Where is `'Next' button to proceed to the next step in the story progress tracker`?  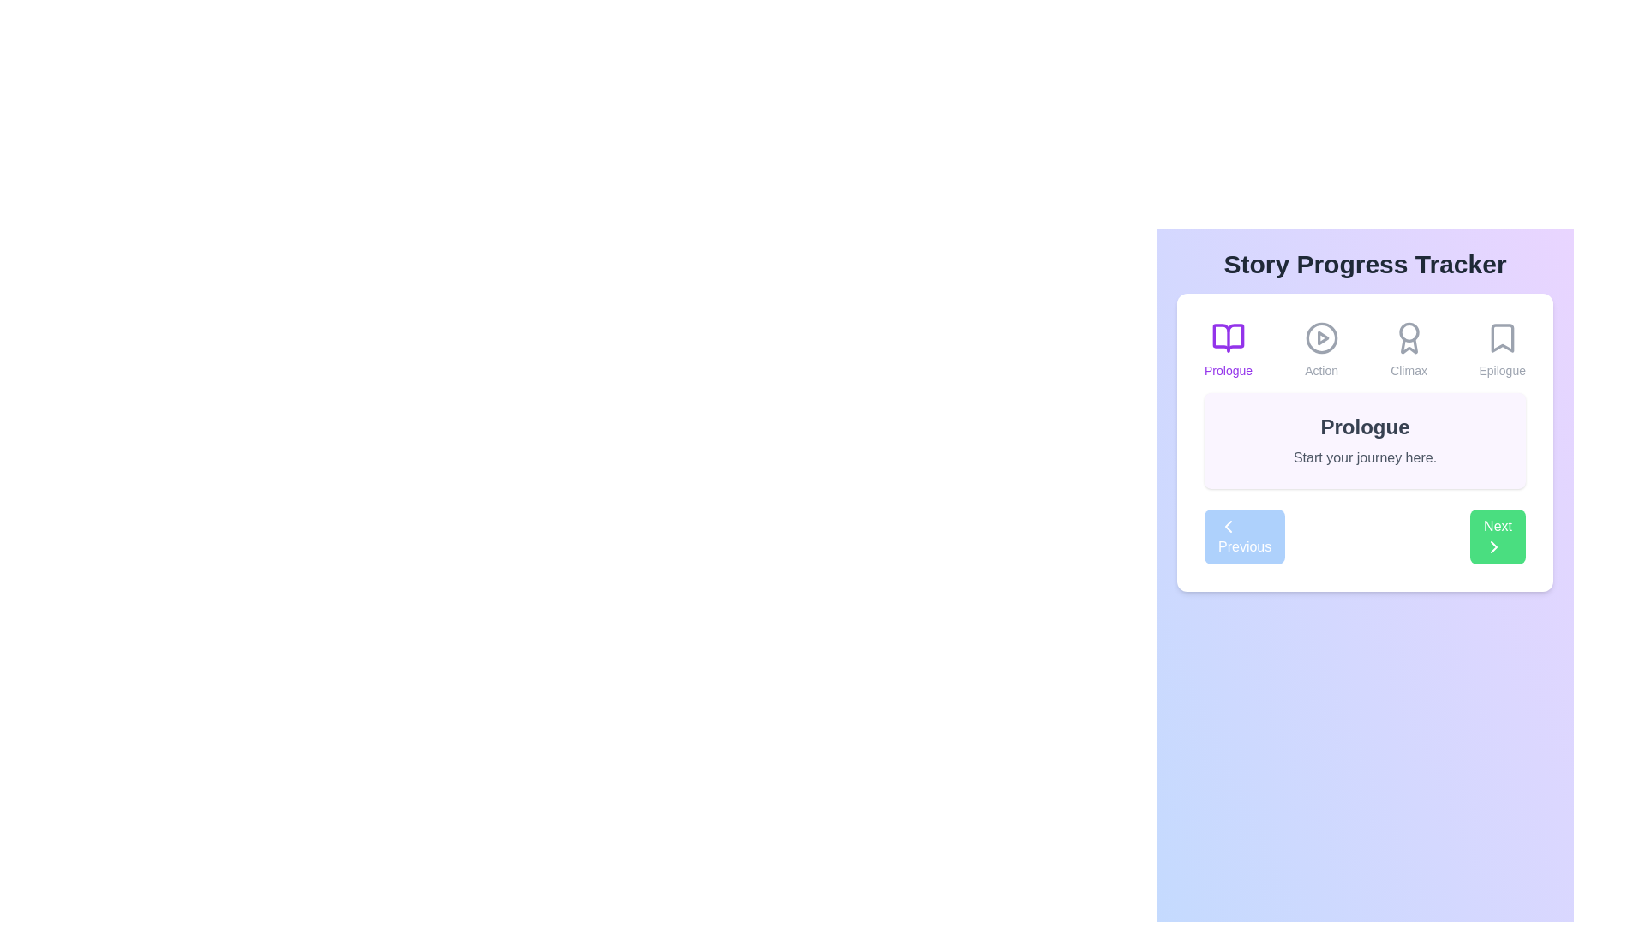 'Next' button to proceed to the next step in the story progress tracker is located at coordinates (1497, 536).